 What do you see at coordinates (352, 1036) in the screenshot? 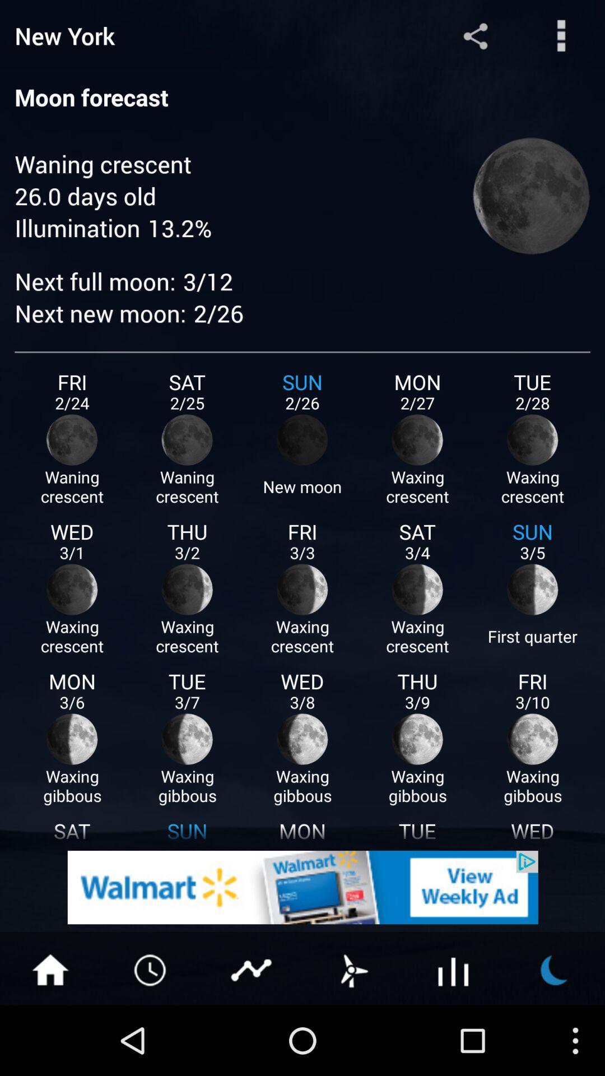
I see `the weather icon` at bounding box center [352, 1036].